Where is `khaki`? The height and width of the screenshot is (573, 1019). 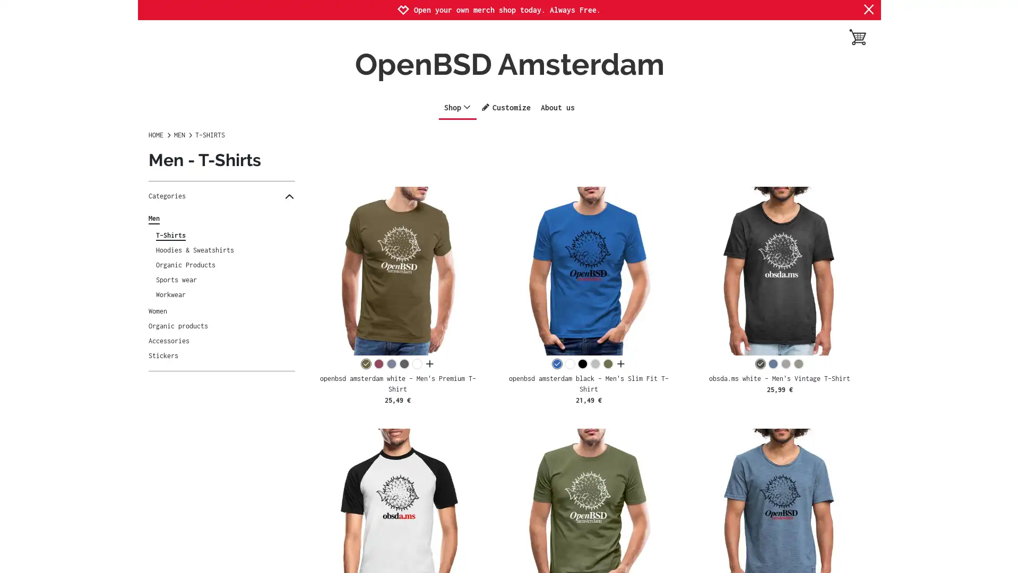 khaki is located at coordinates (366, 363).